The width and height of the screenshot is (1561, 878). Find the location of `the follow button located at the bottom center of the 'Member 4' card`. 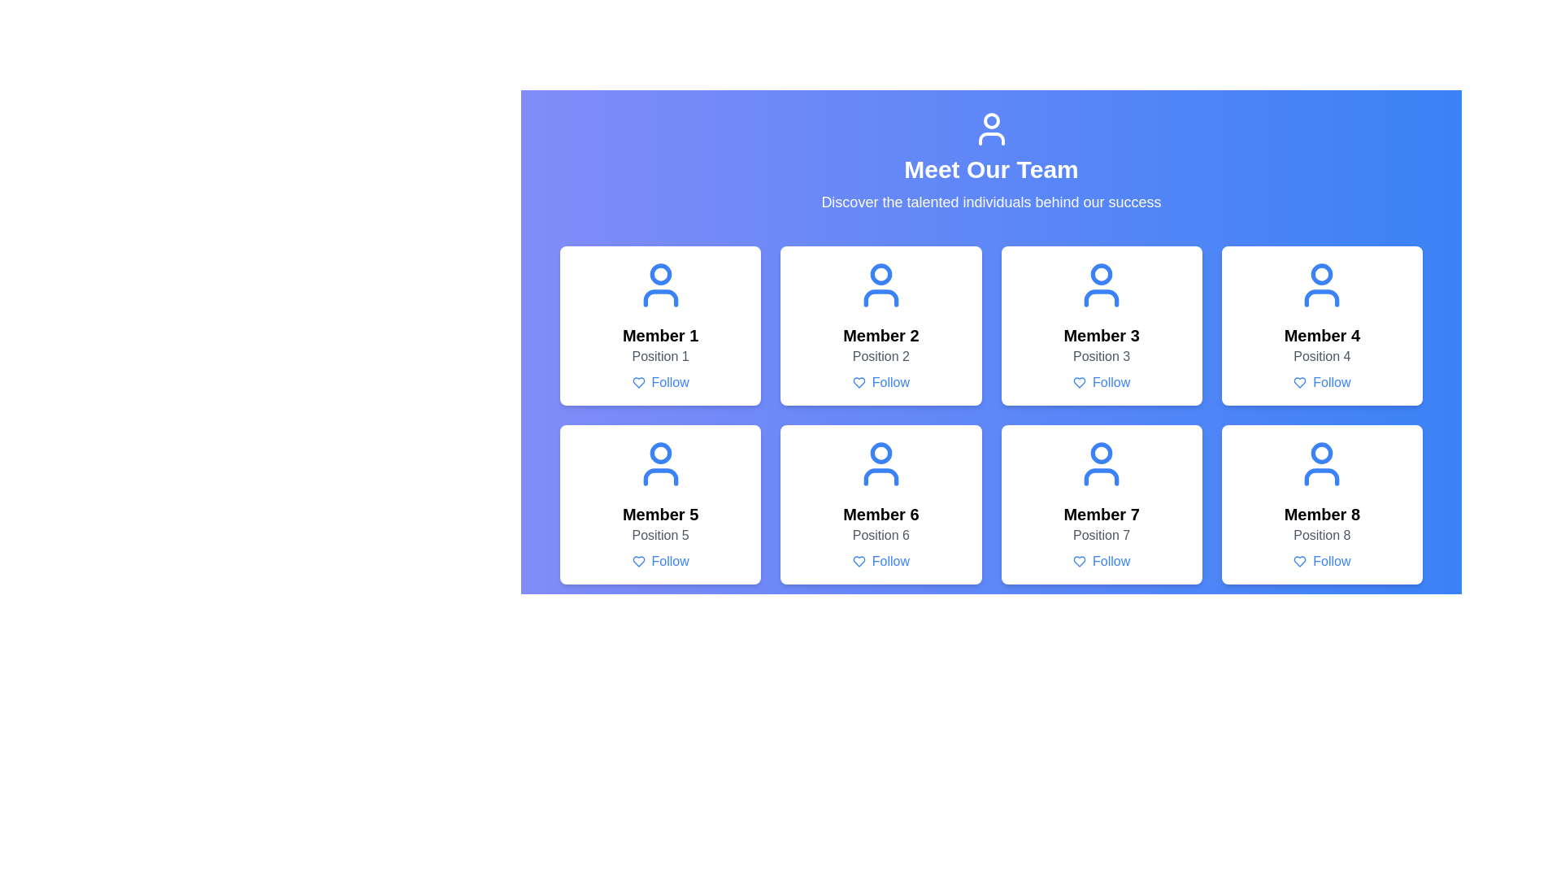

the follow button located at the bottom center of the 'Member 4' card is located at coordinates (1322, 382).